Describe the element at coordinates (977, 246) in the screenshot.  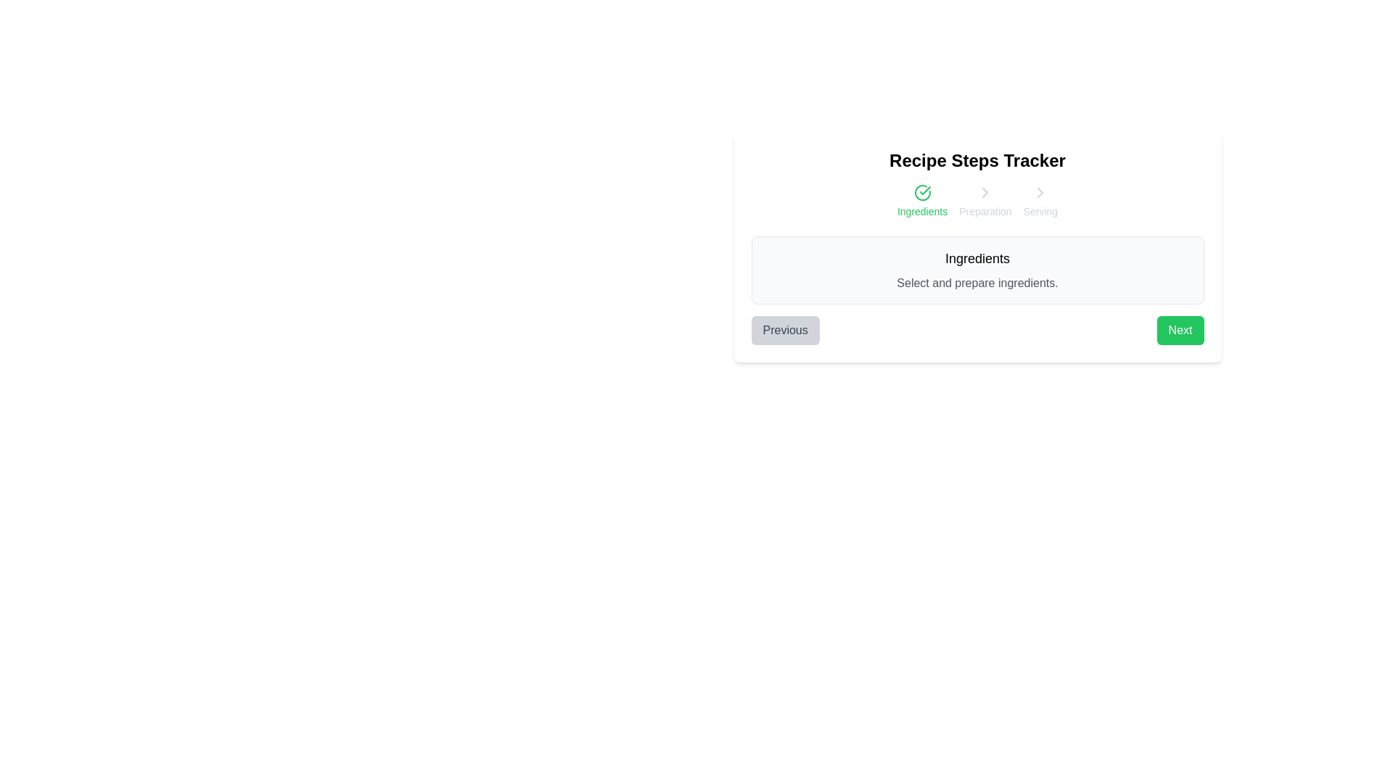
I see `the Card Component that represents a card interface for tracking steps in a recipe process` at that location.